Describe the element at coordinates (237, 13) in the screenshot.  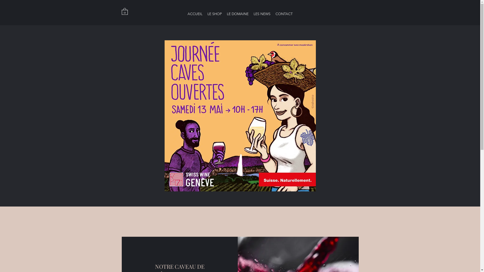
I see `'LE DOMAINE'` at that location.